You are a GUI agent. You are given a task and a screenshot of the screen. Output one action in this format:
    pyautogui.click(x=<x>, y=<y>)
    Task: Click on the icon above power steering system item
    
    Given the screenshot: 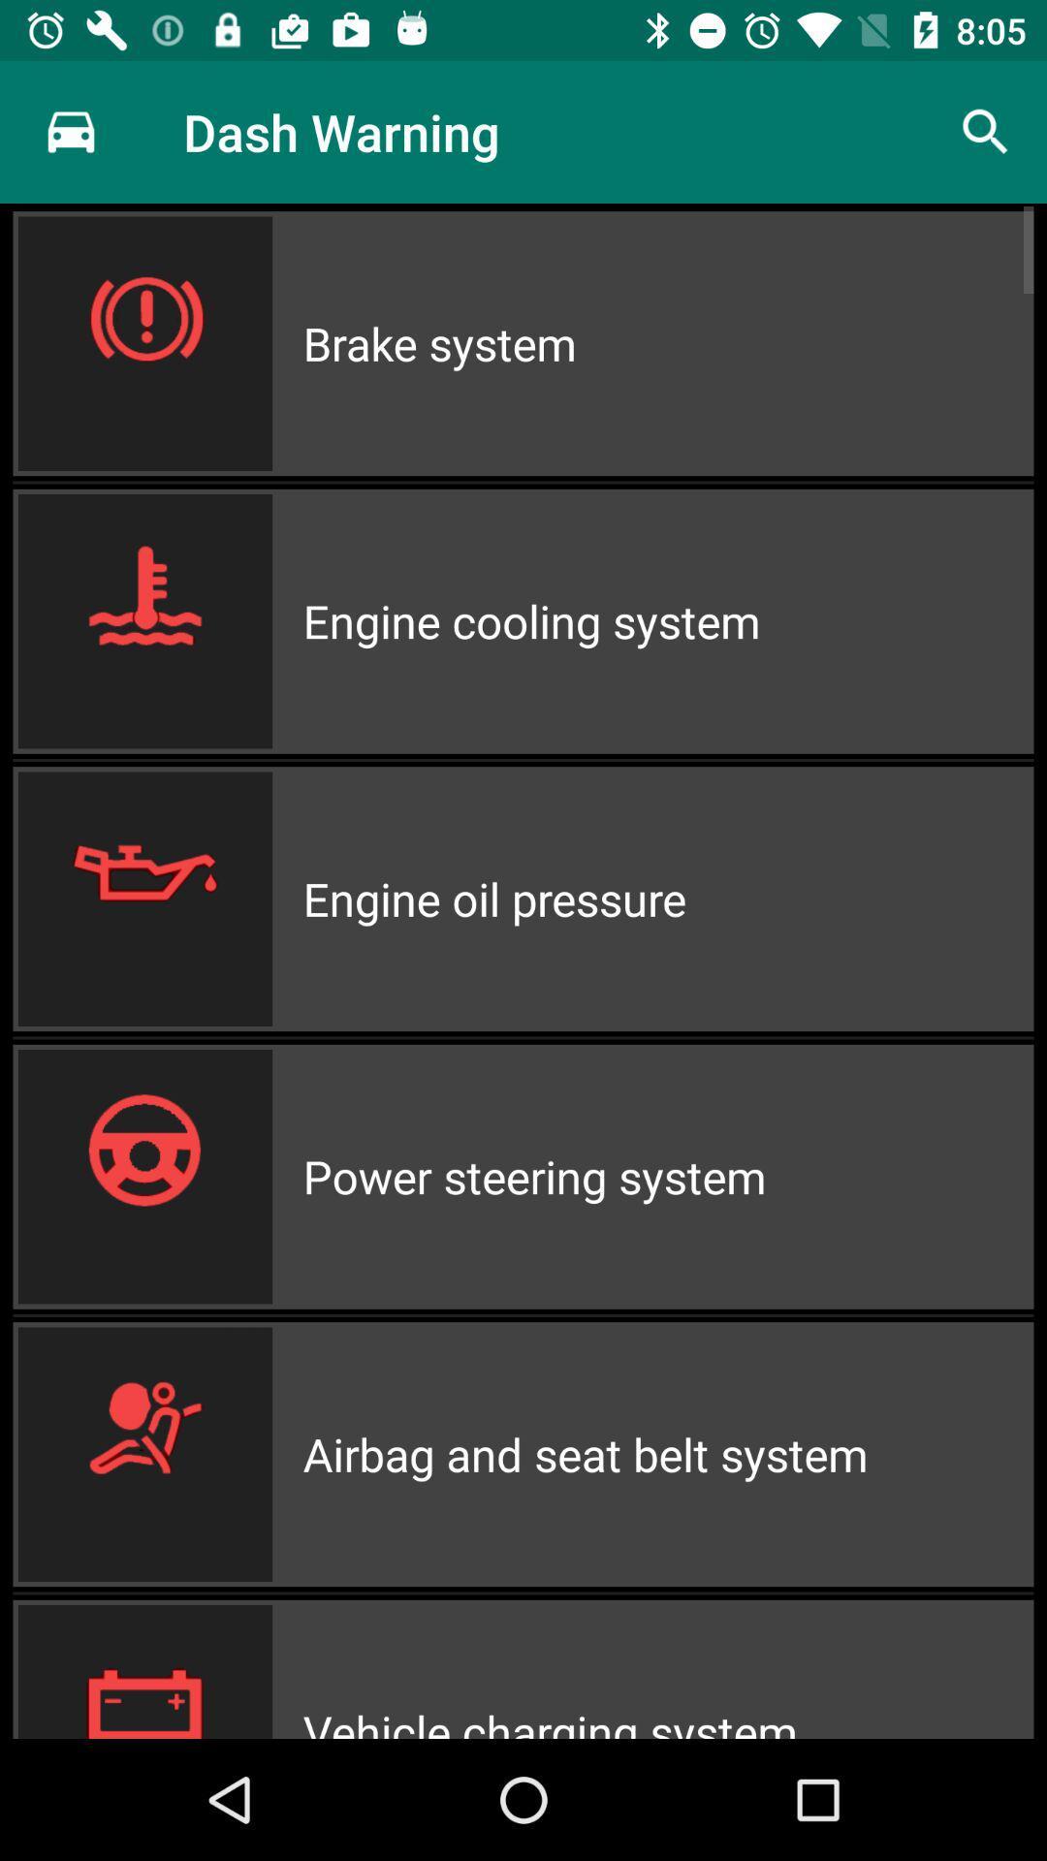 What is the action you would take?
    pyautogui.click(x=667, y=898)
    